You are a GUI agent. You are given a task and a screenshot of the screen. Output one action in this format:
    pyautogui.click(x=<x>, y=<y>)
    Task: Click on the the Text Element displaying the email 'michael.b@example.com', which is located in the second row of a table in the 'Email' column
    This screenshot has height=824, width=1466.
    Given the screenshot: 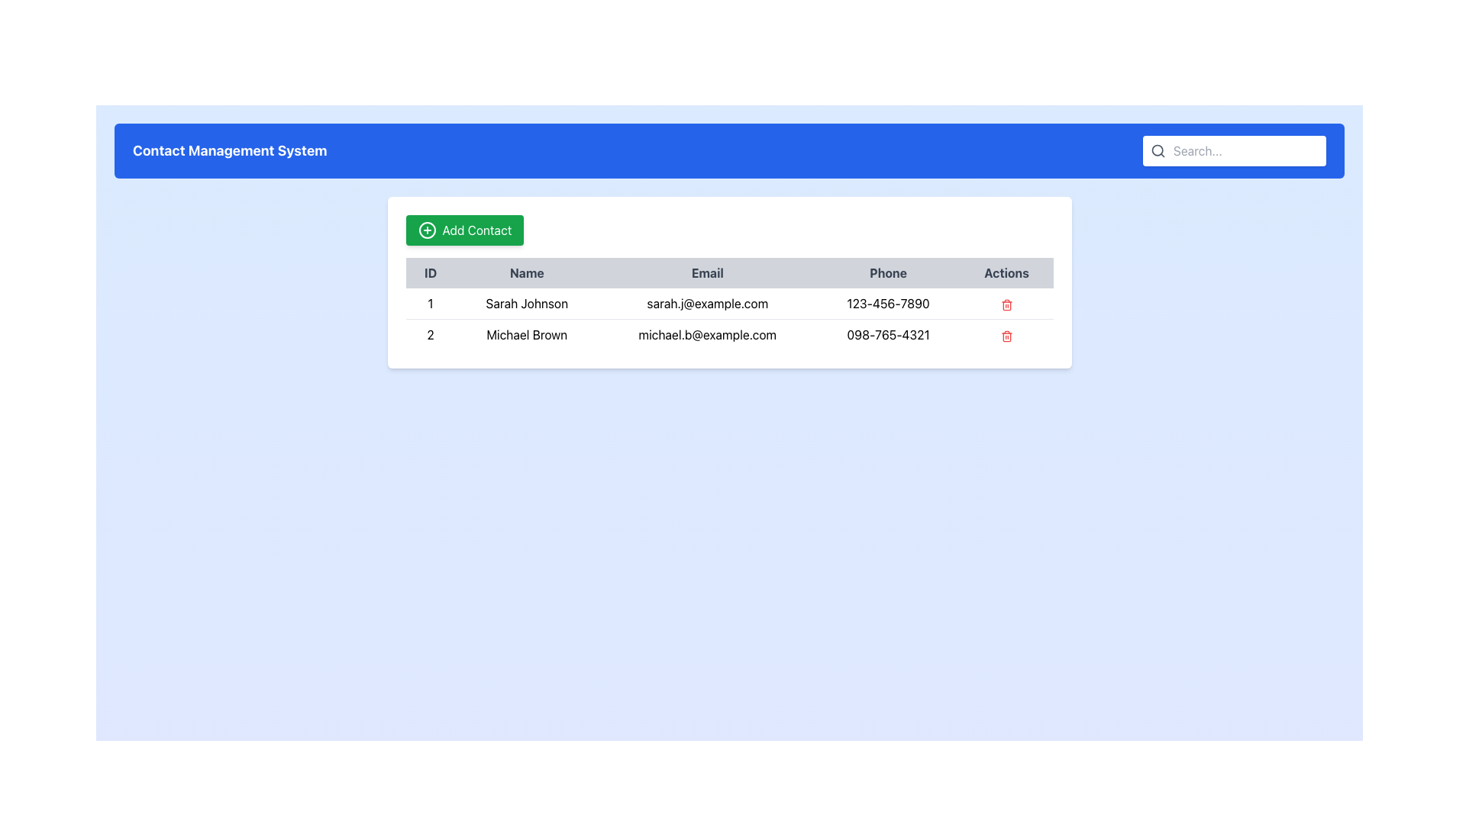 What is the action you would take?
    pyautogui.click(x=706, y=333)
    